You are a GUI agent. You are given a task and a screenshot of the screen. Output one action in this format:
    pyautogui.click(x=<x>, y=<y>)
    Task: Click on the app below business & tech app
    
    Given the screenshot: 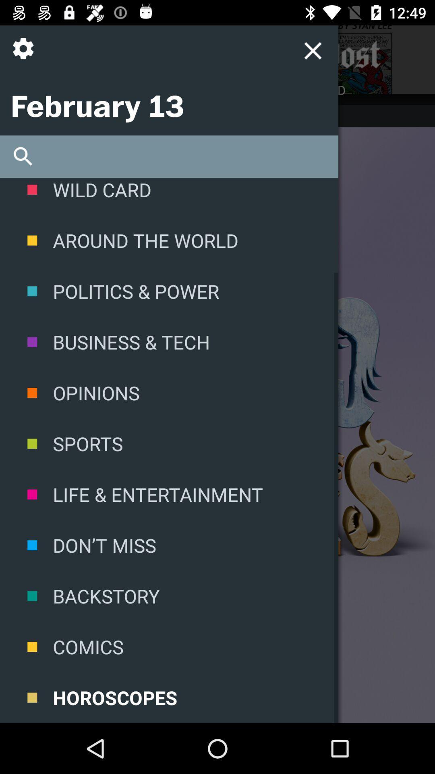 What is the action you would take?
    pyautogui.click(x=169, y=393)
    